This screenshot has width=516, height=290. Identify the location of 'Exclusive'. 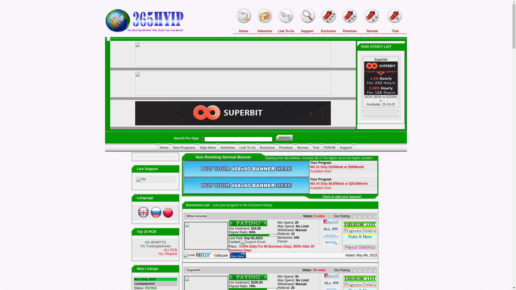
(267, 148).